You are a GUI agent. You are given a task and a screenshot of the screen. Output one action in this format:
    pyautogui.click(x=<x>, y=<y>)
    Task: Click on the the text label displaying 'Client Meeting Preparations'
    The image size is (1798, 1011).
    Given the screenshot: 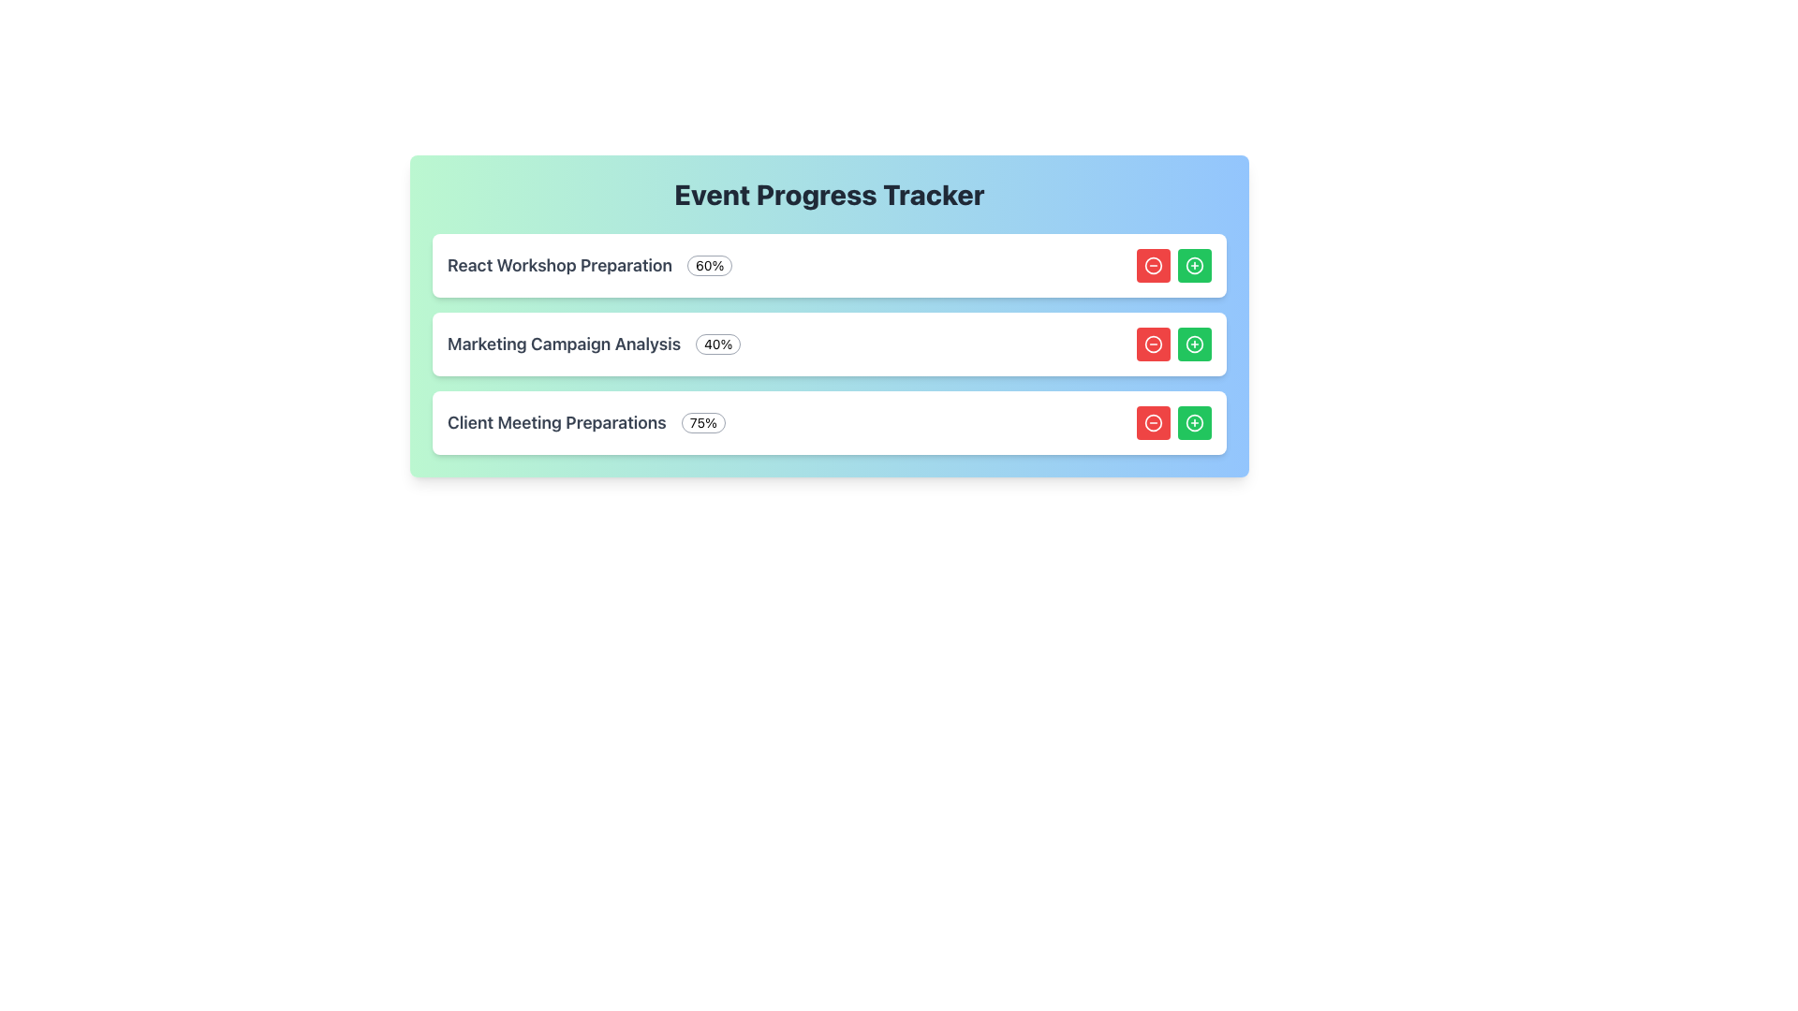 What is the action you would take?
    pyautogui.click(x=555, y=422)
    